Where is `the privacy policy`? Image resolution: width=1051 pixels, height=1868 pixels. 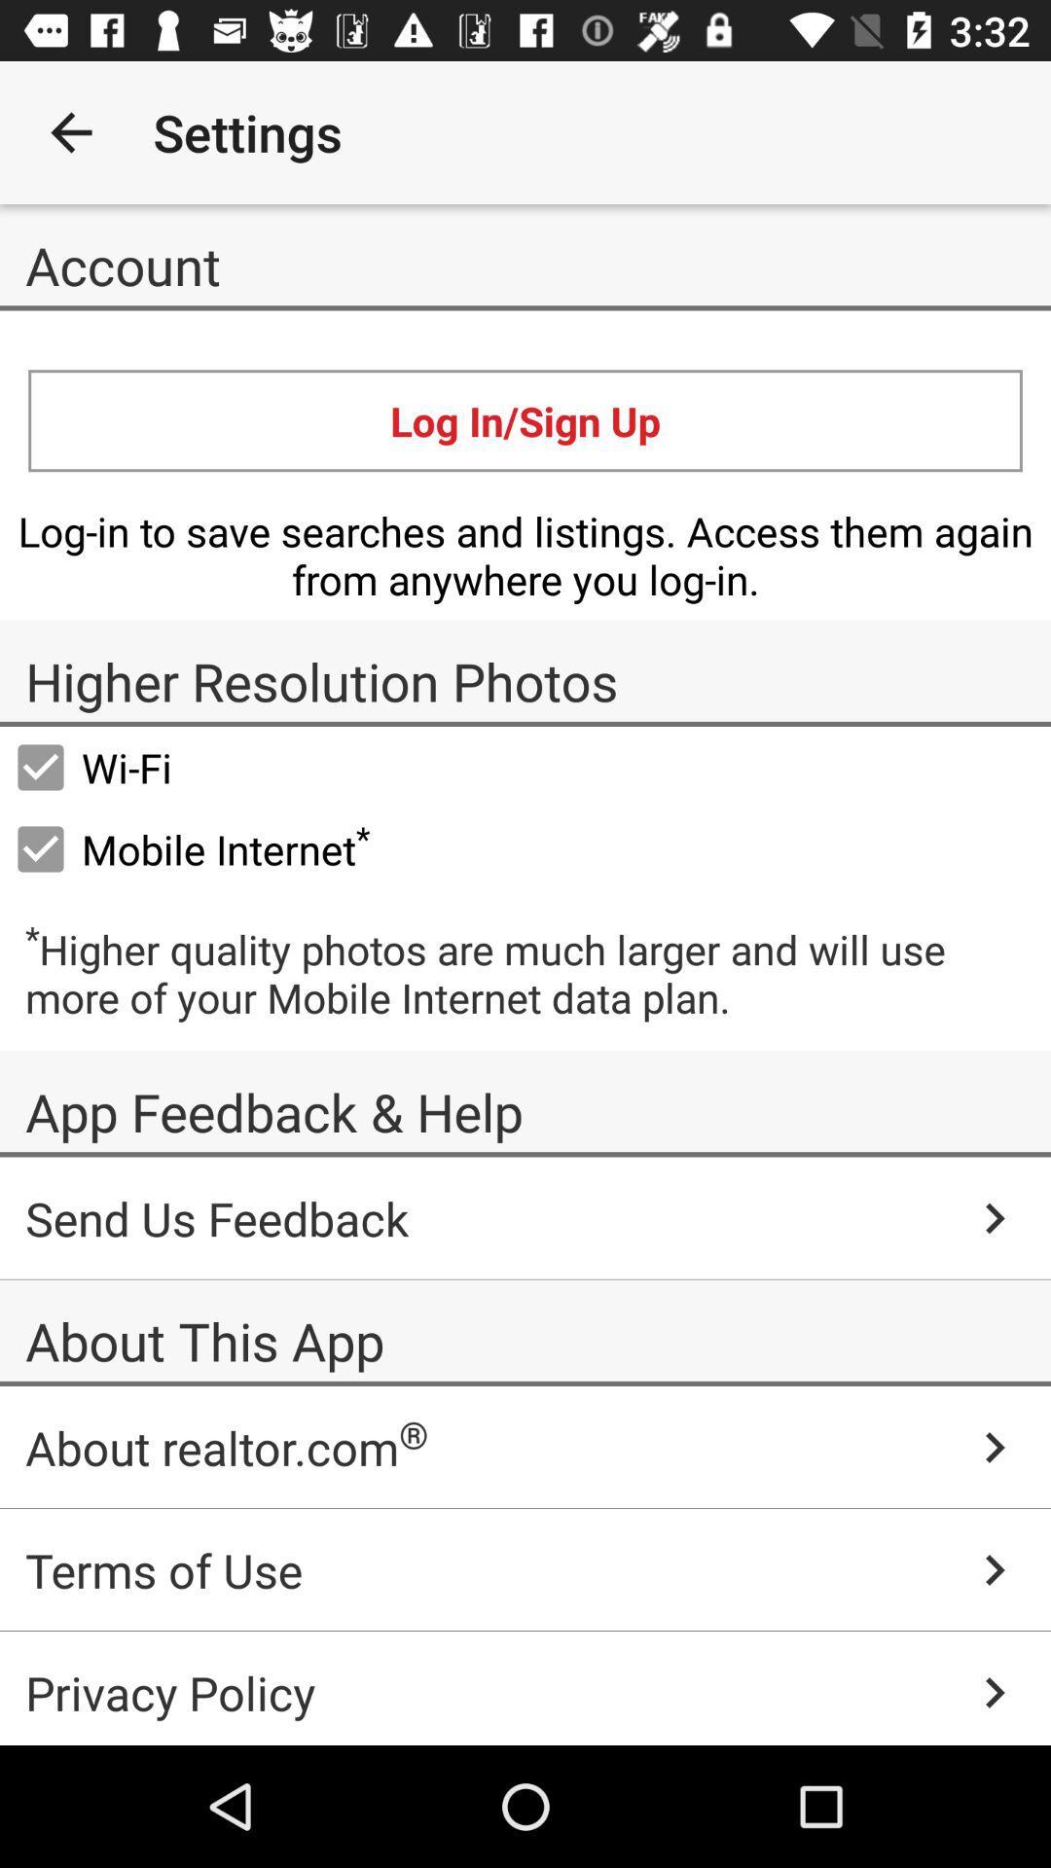 the privacy policy is located at coordinates (525, 1687).